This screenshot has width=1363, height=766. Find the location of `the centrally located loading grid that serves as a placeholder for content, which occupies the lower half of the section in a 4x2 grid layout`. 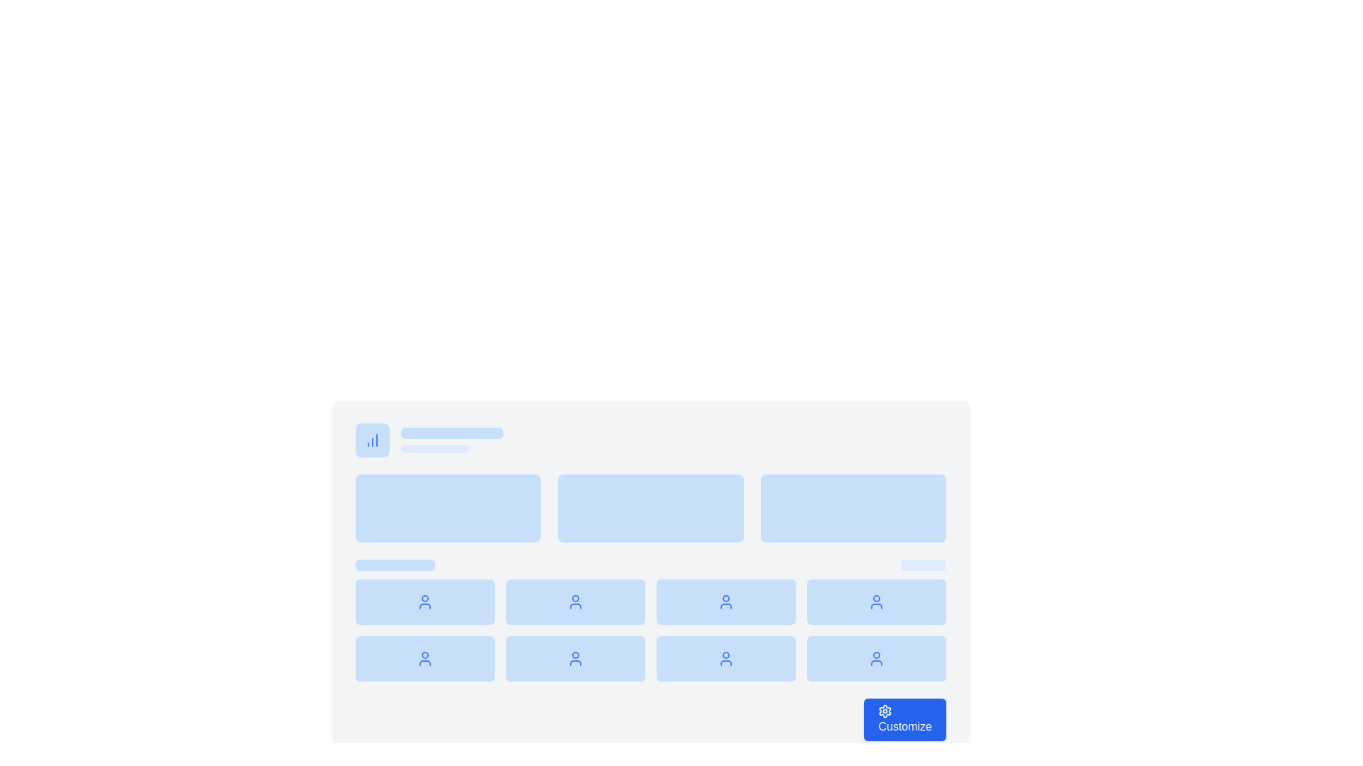

the centrally located loading grid that serves as a placeholder for content, which occupies the lower half of the section in a 4x2 grid layout is located at coordinates (650, 629).